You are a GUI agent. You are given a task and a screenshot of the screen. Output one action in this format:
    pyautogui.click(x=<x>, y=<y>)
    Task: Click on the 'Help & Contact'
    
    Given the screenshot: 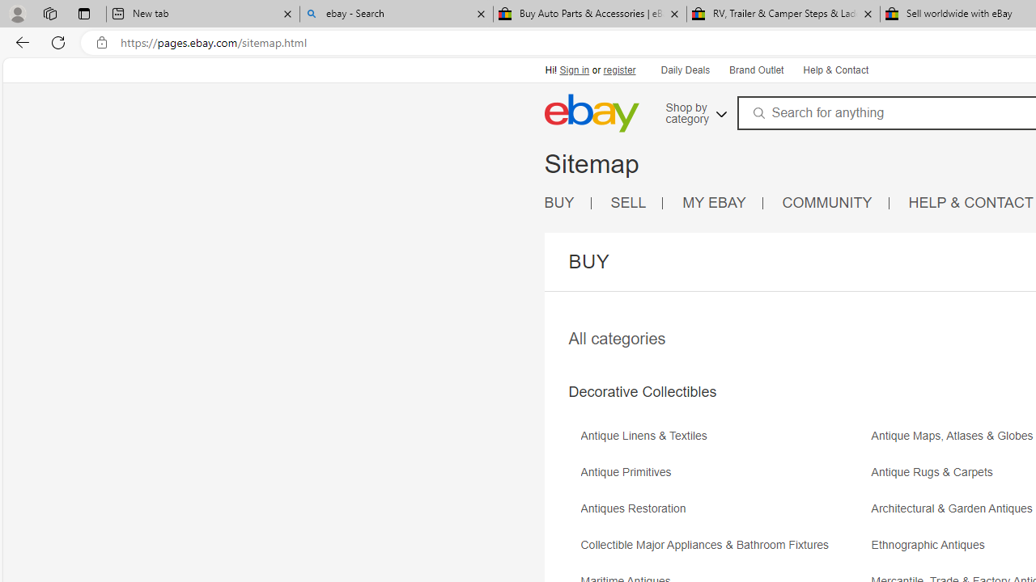 What is the action you would take?
    pyautogui.click(x=835, y=70)
    